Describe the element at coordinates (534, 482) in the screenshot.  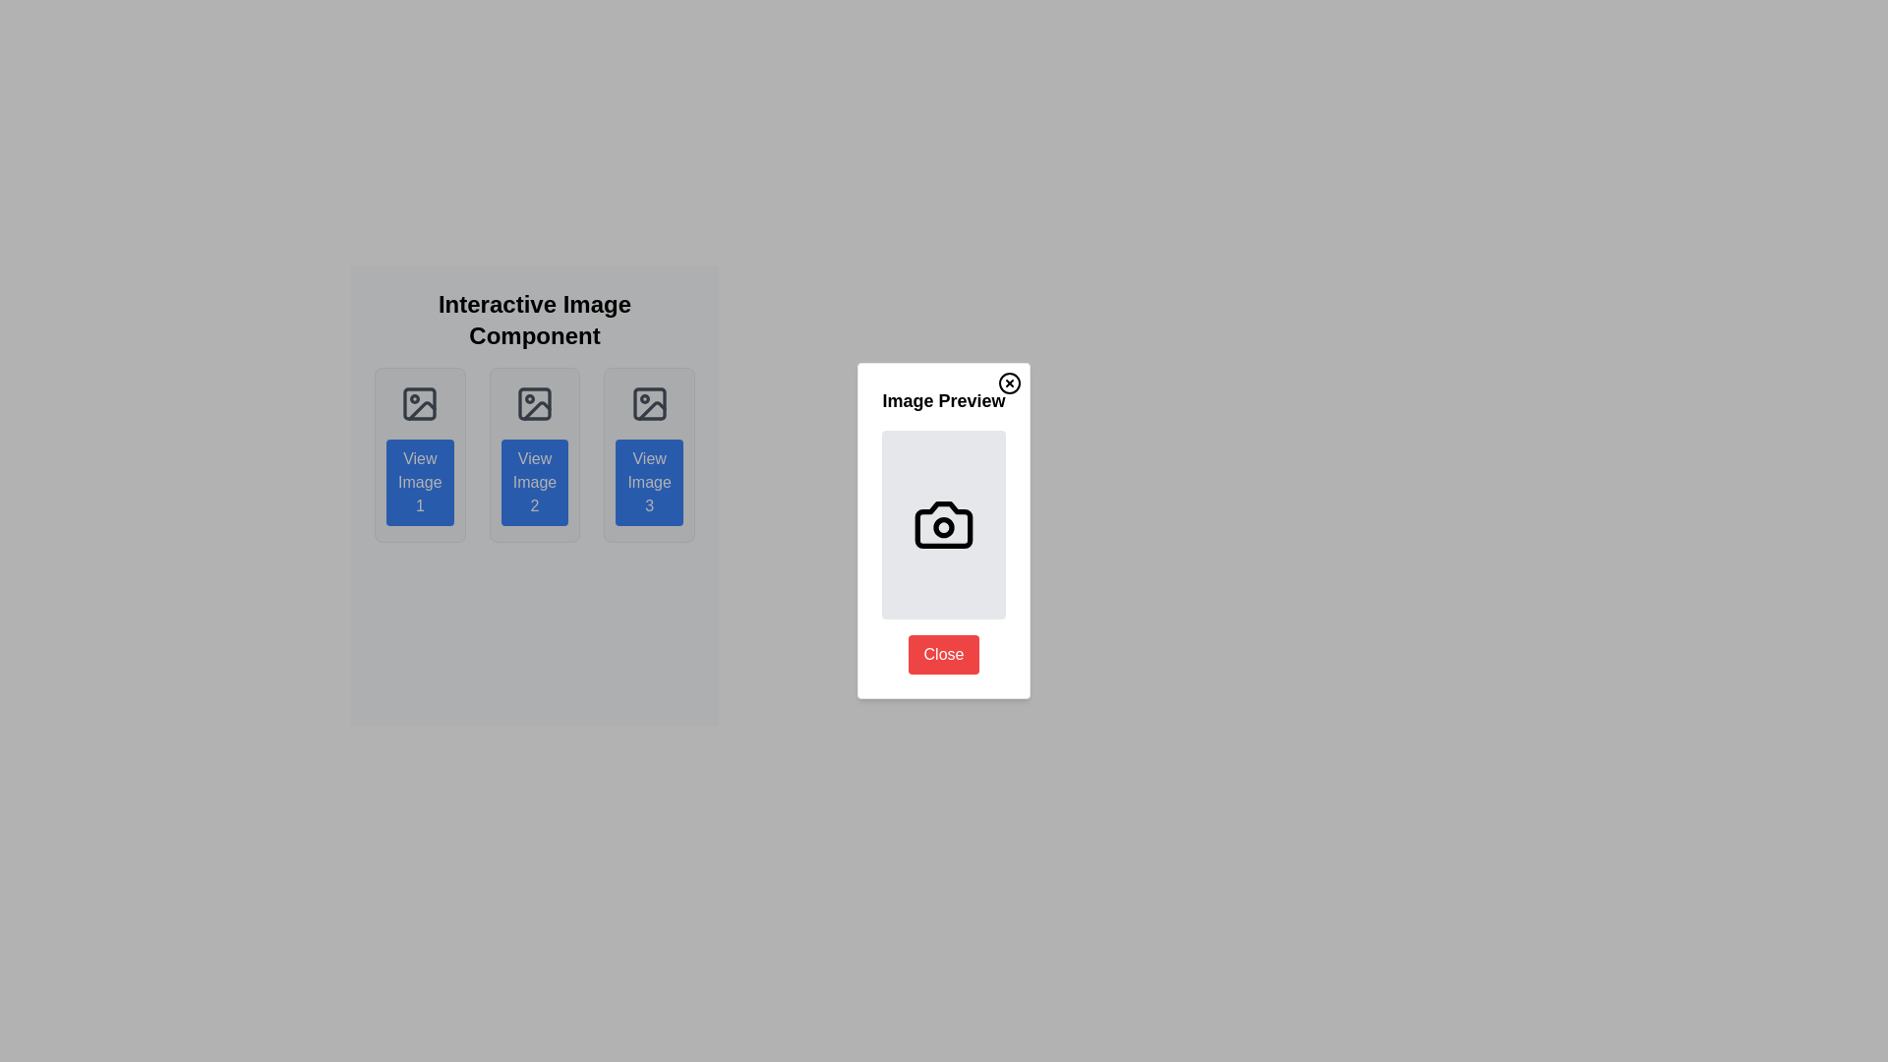
I see `the central button within the card structure that allows the user to preview the associated image, located beneath an icon representing a missing image` at that location.